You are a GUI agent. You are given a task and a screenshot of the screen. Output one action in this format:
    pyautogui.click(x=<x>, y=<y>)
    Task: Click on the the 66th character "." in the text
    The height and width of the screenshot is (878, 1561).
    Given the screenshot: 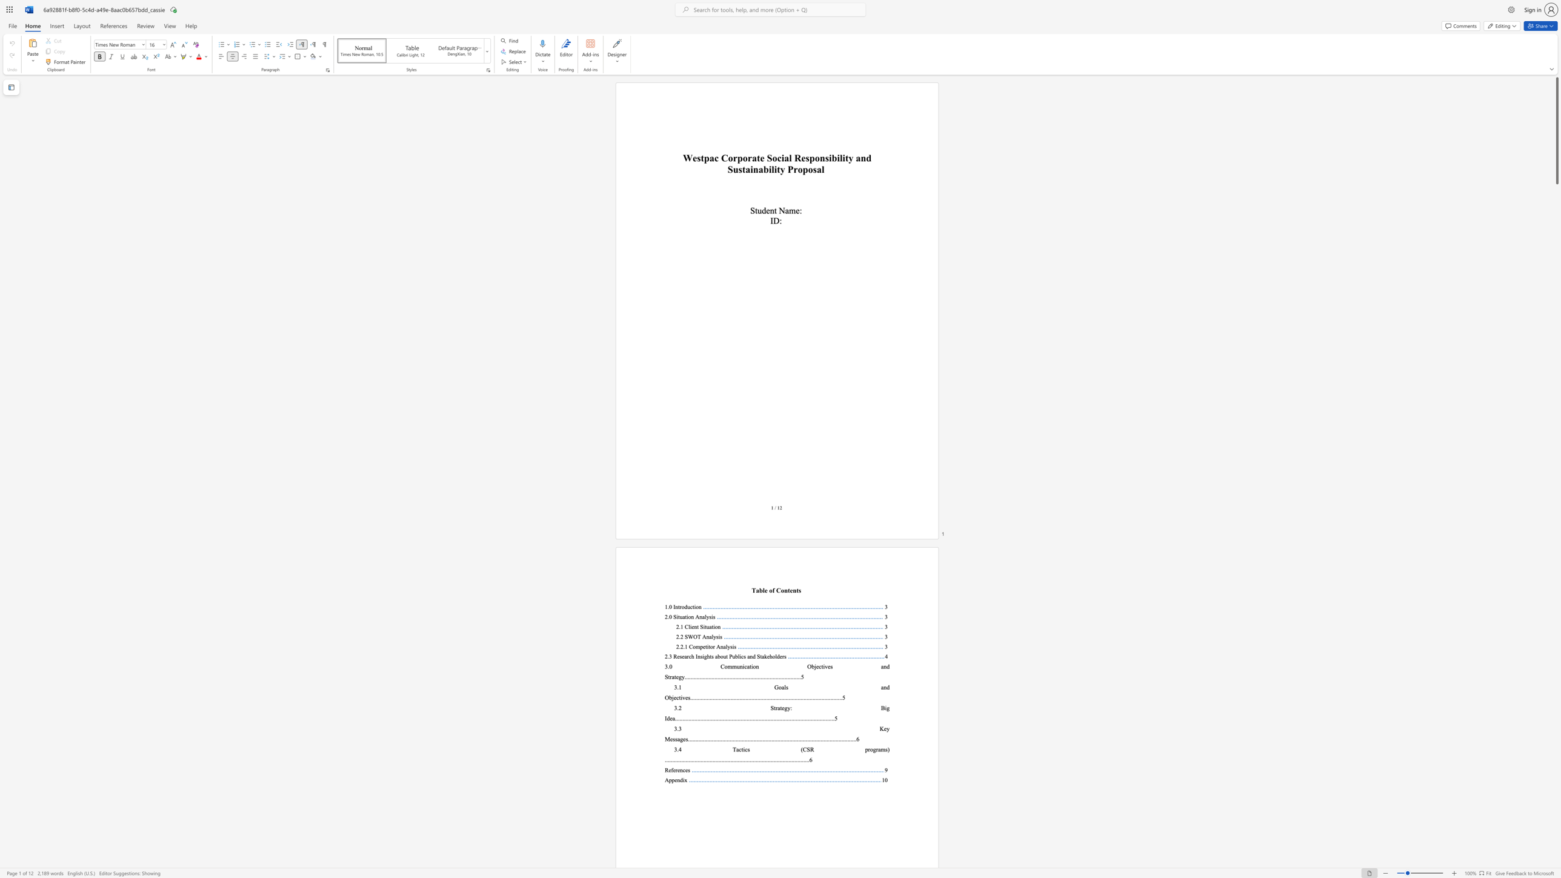 What is the action you would take?
    pyautogui.click(x=771, y=718)
    